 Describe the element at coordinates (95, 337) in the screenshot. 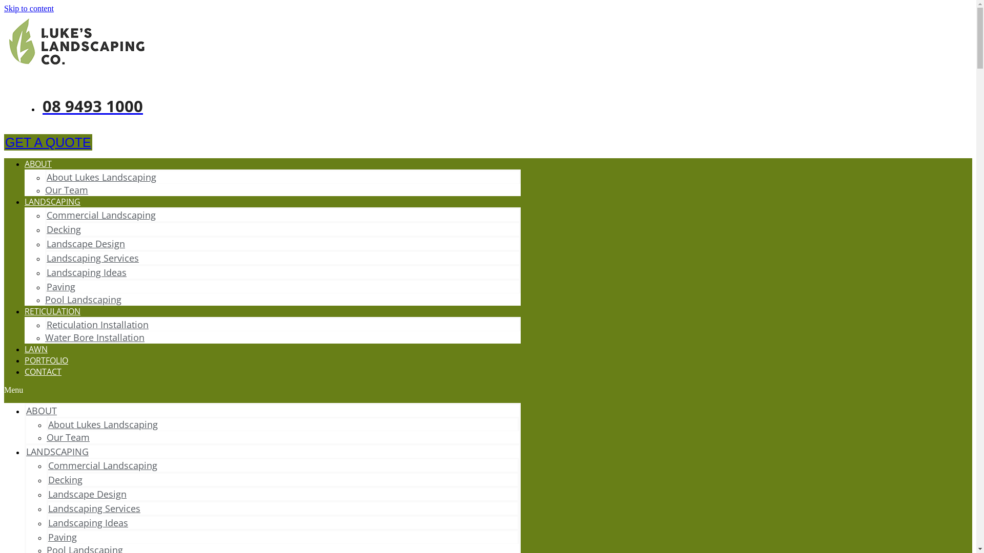

I see `'Water Bore Installation'` at that location.